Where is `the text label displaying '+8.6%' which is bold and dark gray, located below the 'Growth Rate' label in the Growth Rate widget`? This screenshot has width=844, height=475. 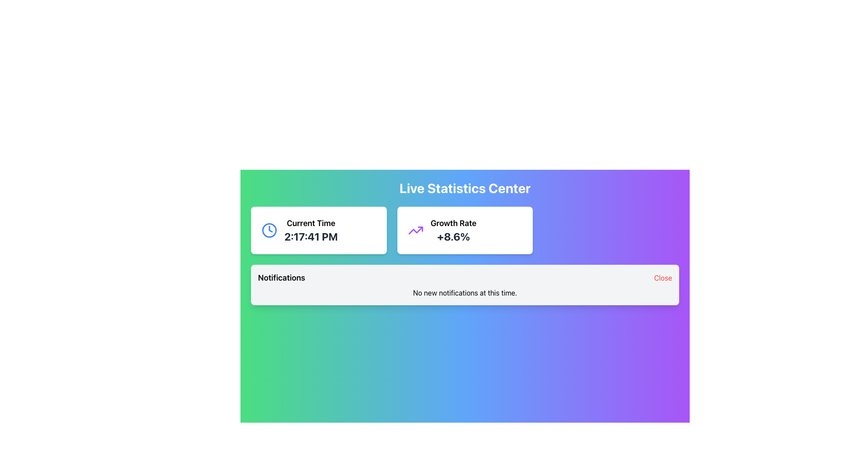
the text label displaying '+8.6%' which is bold and dark gray, located below the 'Growth Rate' label in the Growth Rate widget is located at coordinates (453, 236).